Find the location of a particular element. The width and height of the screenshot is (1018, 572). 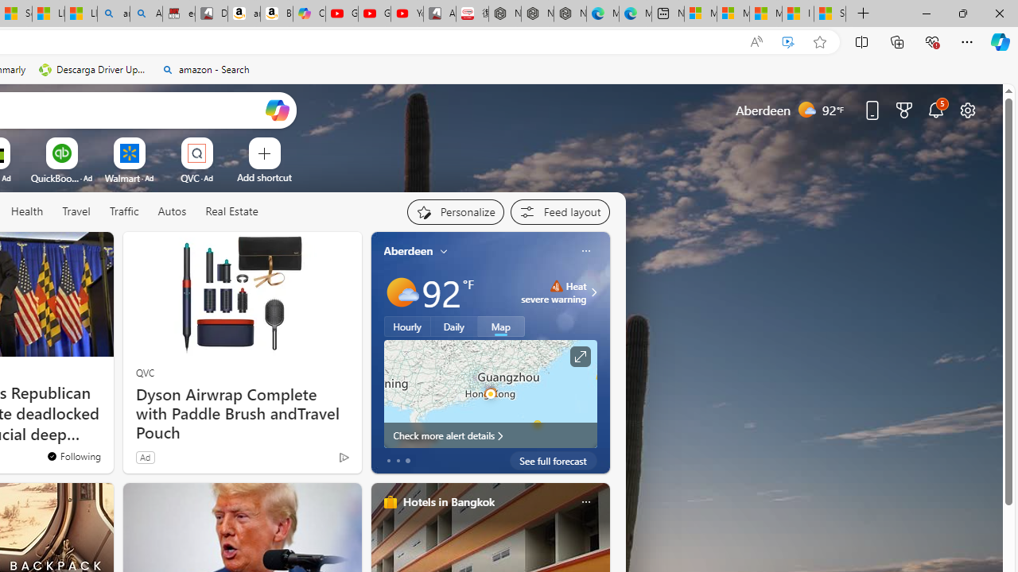

'Feed settings' is located at coordinates (560, 211).